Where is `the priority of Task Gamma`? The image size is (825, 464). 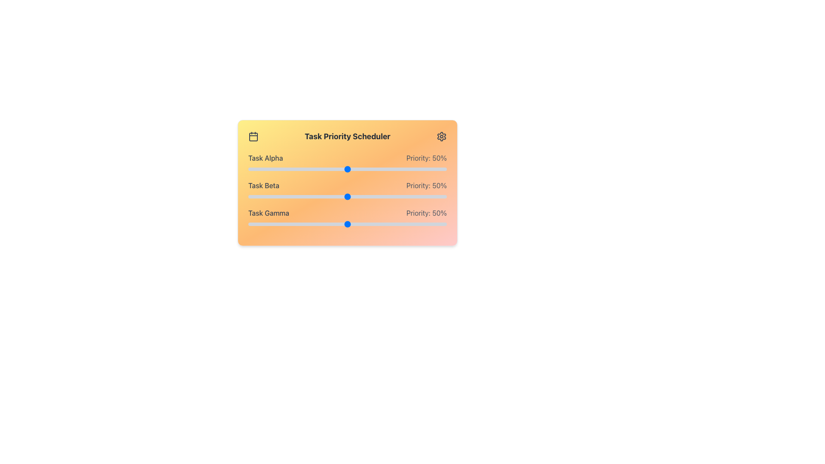
the priority of Task Gamma is located at coordinates (321, 223).